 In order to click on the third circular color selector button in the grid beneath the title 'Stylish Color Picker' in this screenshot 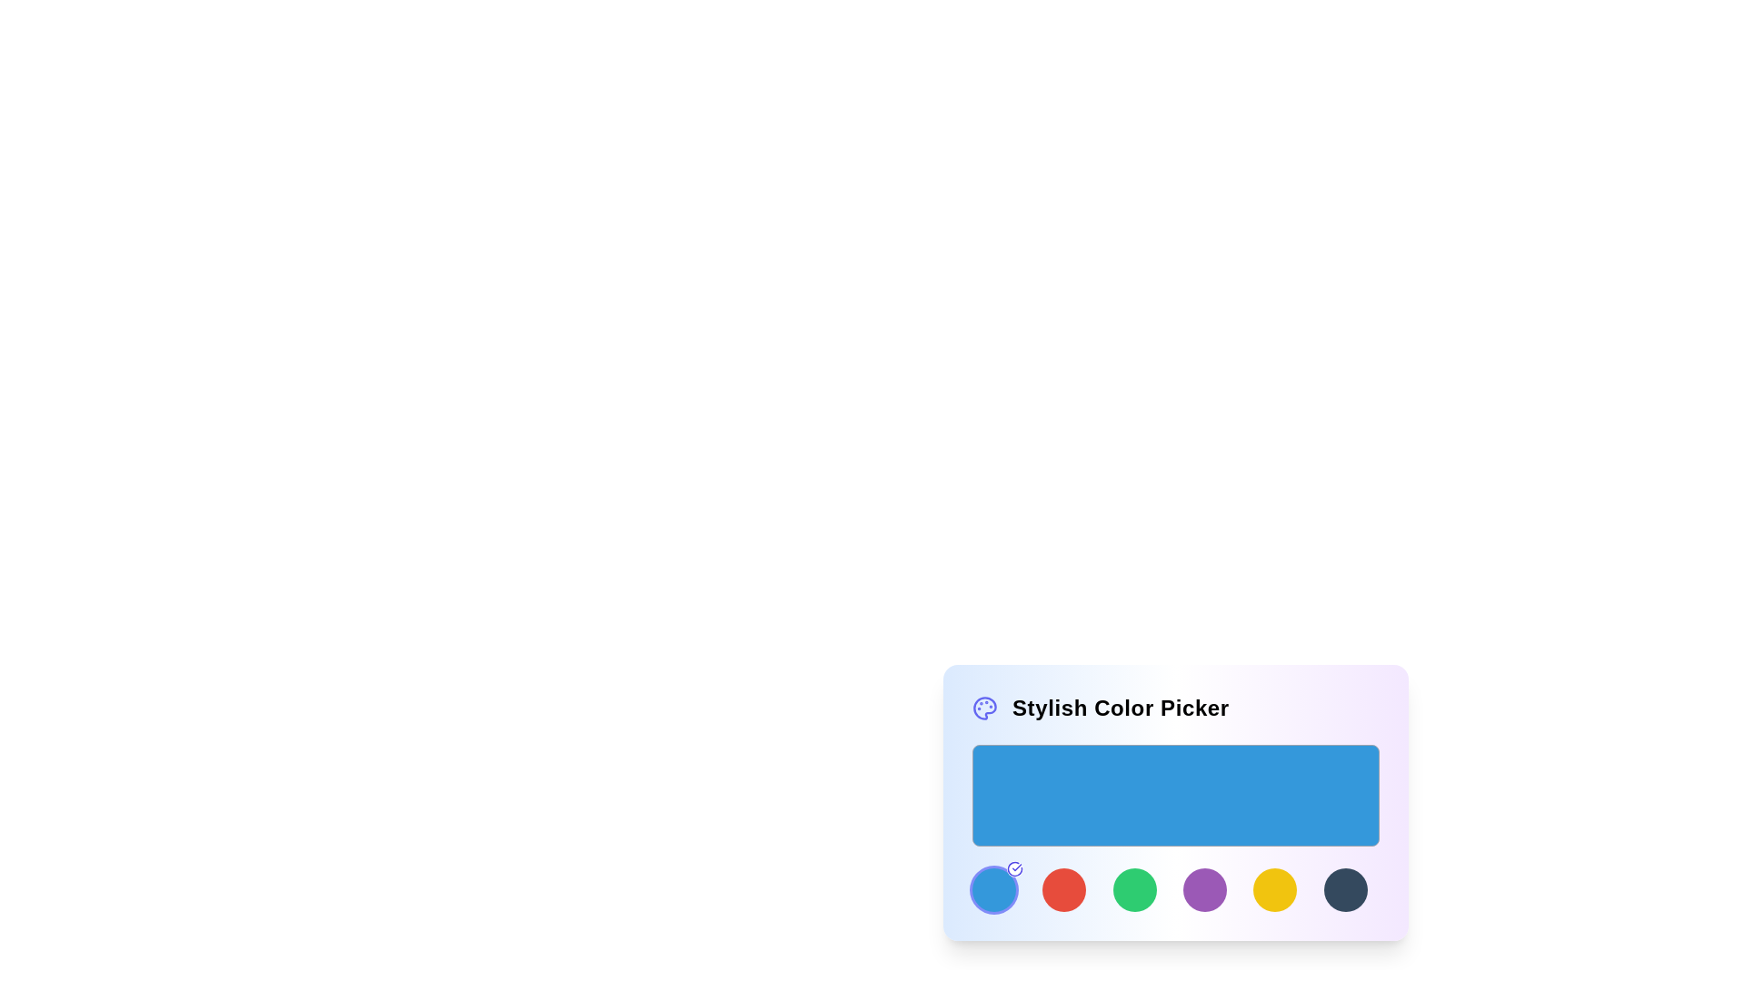, I will do `click(1064, 888)`.